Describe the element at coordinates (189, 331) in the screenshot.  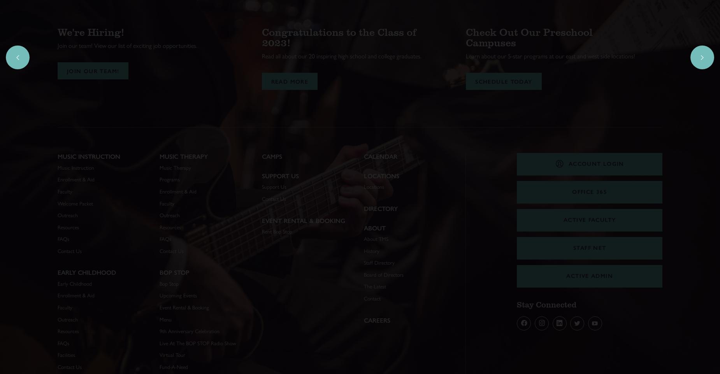
I see `'9th Anniversary Celebration'` at that location.